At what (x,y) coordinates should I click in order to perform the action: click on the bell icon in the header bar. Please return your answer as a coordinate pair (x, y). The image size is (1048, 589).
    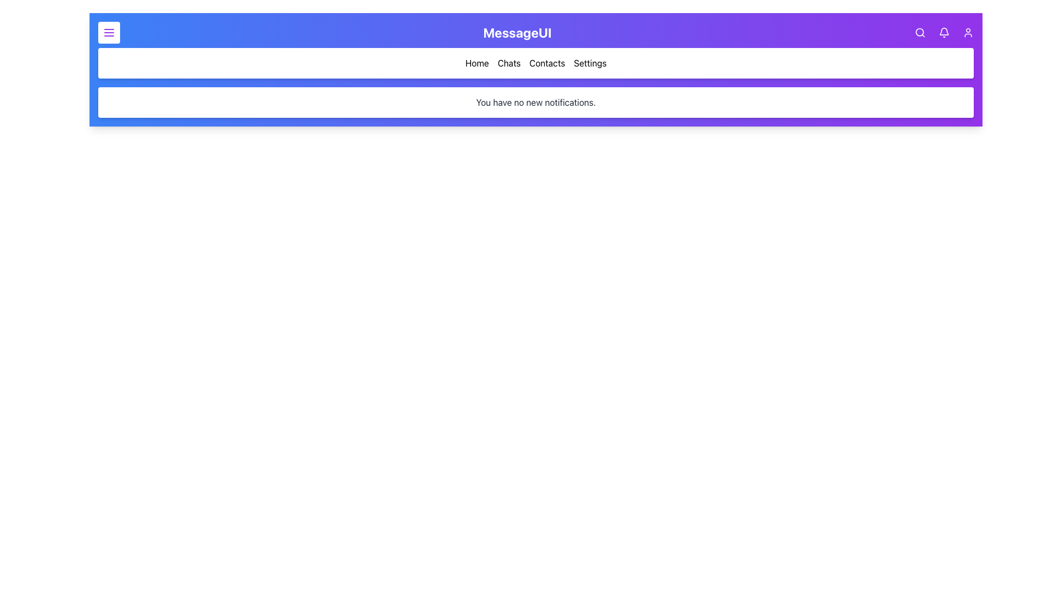
    Looking at the image, I should click on (943, 32).